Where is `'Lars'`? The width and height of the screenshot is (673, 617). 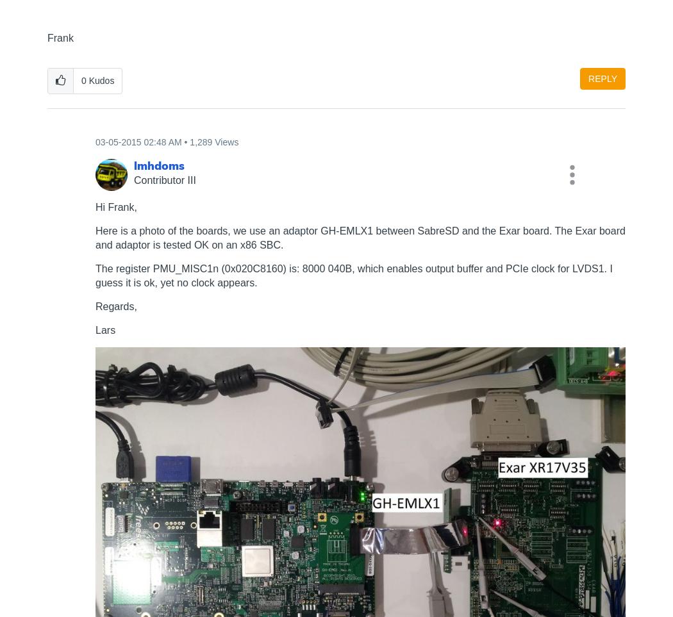 'Lars' is located at coordinates (105, 329).